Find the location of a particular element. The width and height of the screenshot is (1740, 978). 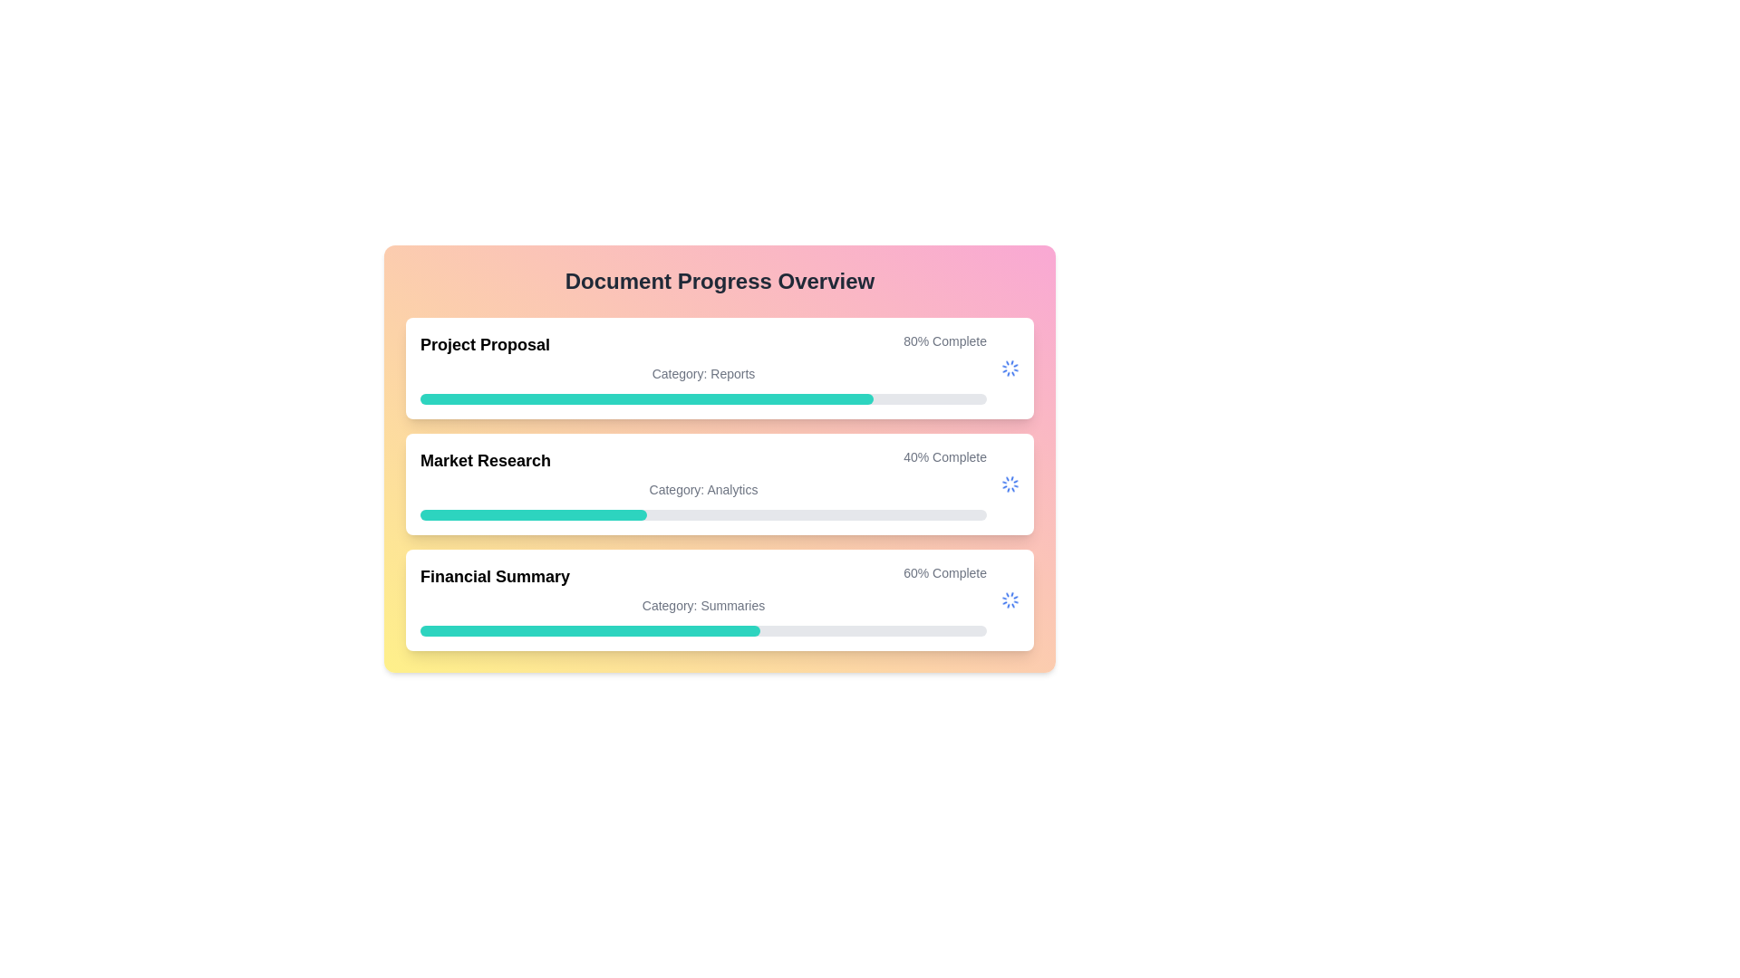

the text label displaying 'Category: Reports' located in the 'Project Proposal' section beneath the progress bar is located at coordinates (702, 372).